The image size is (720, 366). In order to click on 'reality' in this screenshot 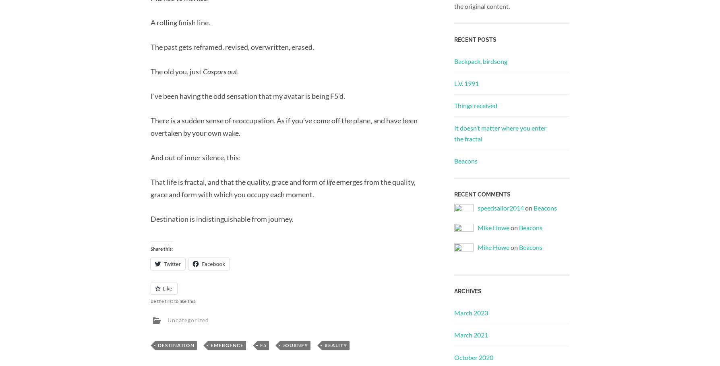, I will do `click(335, 345)`.